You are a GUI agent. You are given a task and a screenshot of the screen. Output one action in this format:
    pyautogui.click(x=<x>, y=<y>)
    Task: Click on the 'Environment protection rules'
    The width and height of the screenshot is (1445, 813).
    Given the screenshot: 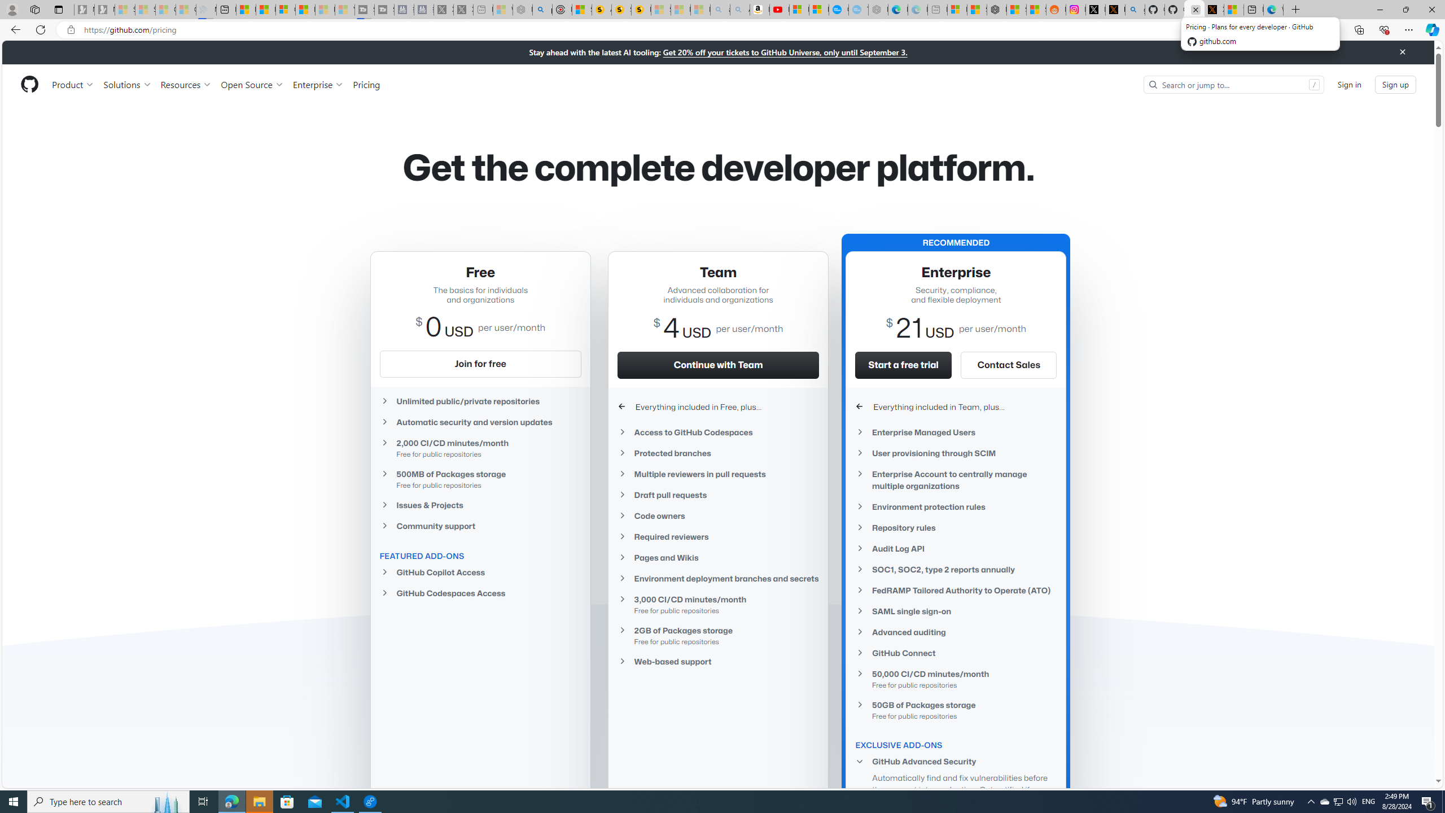 What is the action you would take?
    pyautogui.click(x=956, y=506)
    